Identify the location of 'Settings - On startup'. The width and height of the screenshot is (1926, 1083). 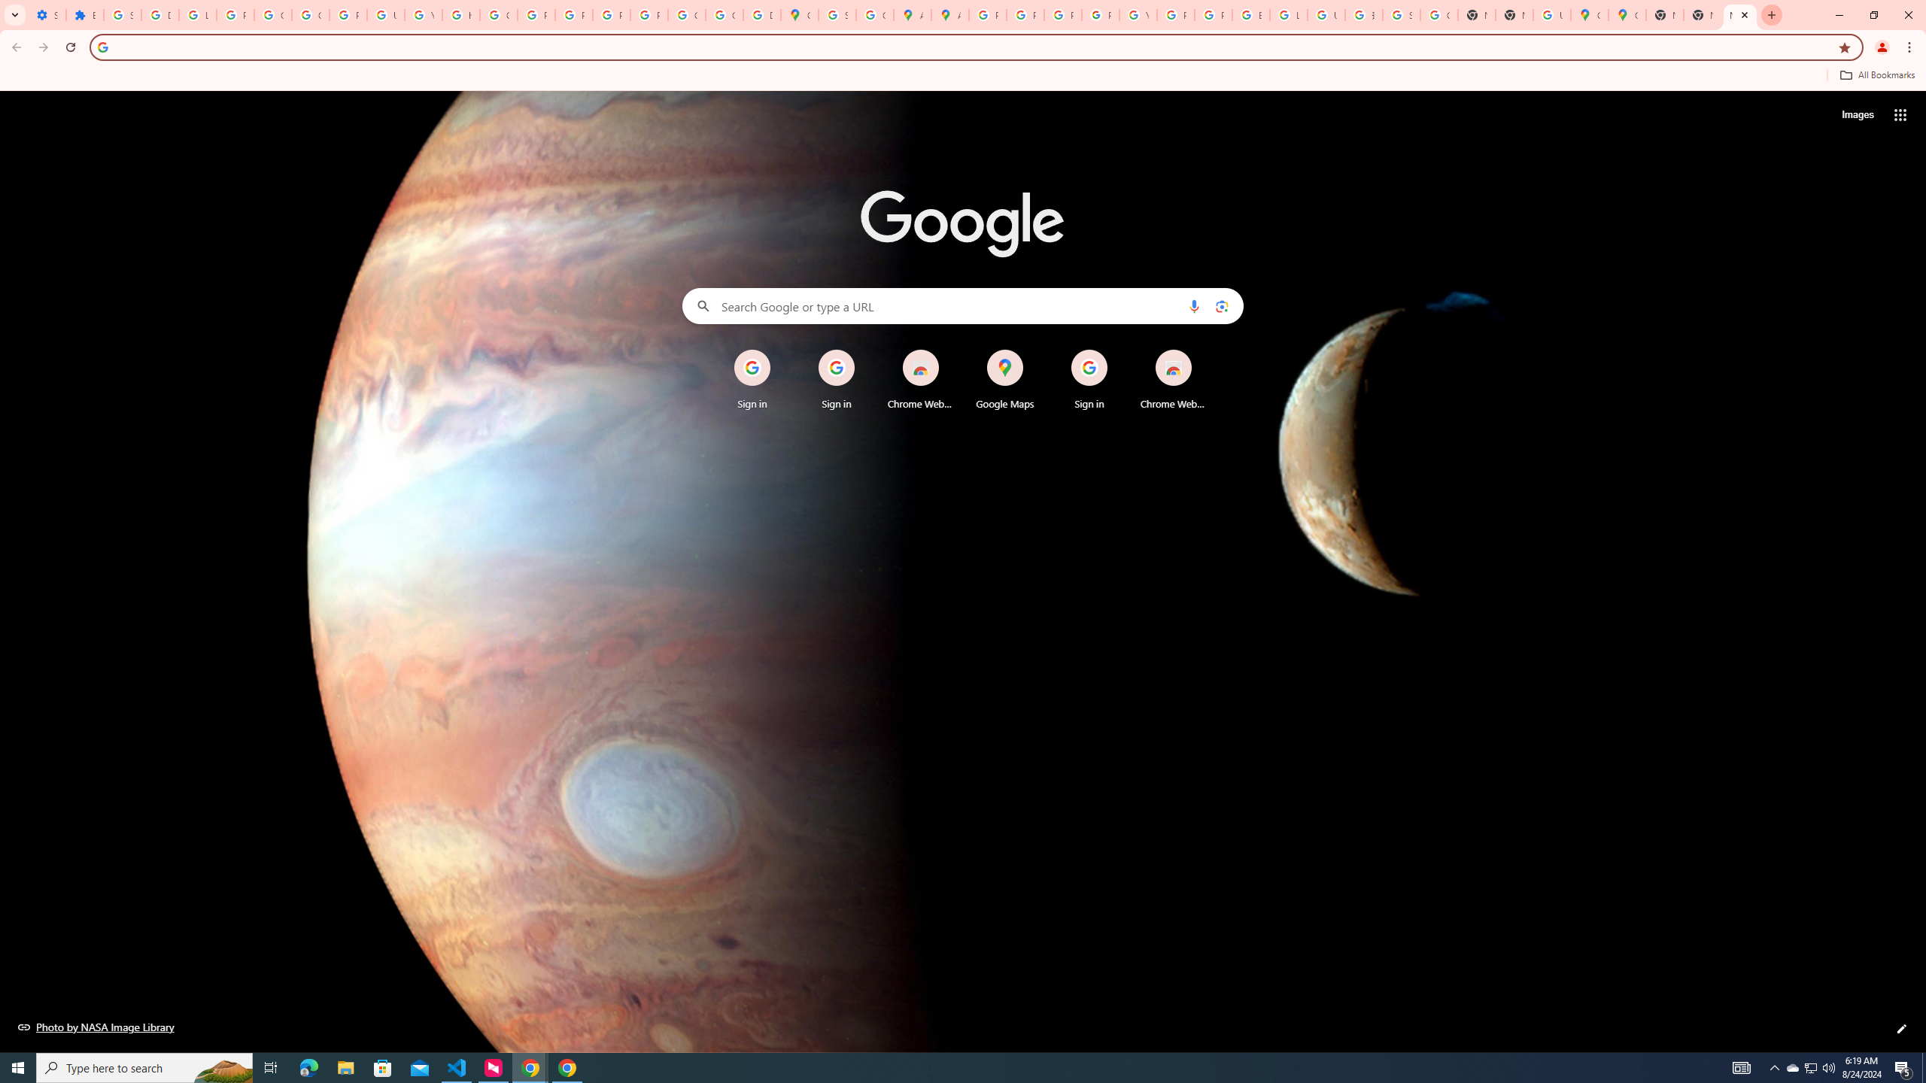
(46, 14).